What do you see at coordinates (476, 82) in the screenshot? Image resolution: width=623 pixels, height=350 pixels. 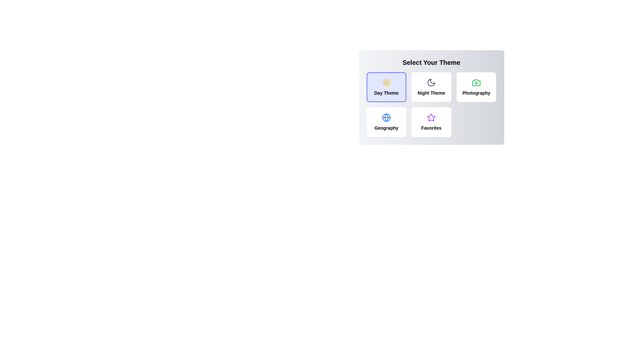 I see `the green camera icon located in the top-right section of the 'Select Your Theme' dialog interface, which is associated with the 'Photography' option` at bounding box center [476, 82].